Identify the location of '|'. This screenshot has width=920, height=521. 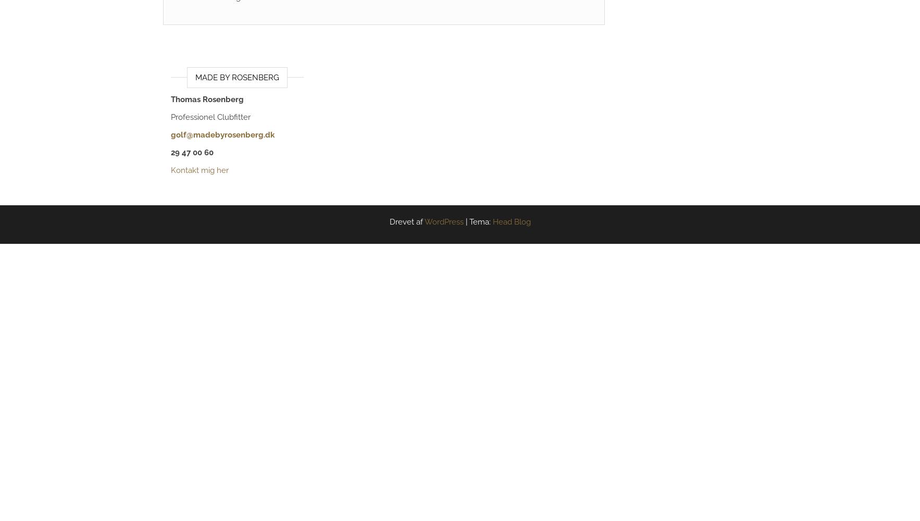
(466, 222).